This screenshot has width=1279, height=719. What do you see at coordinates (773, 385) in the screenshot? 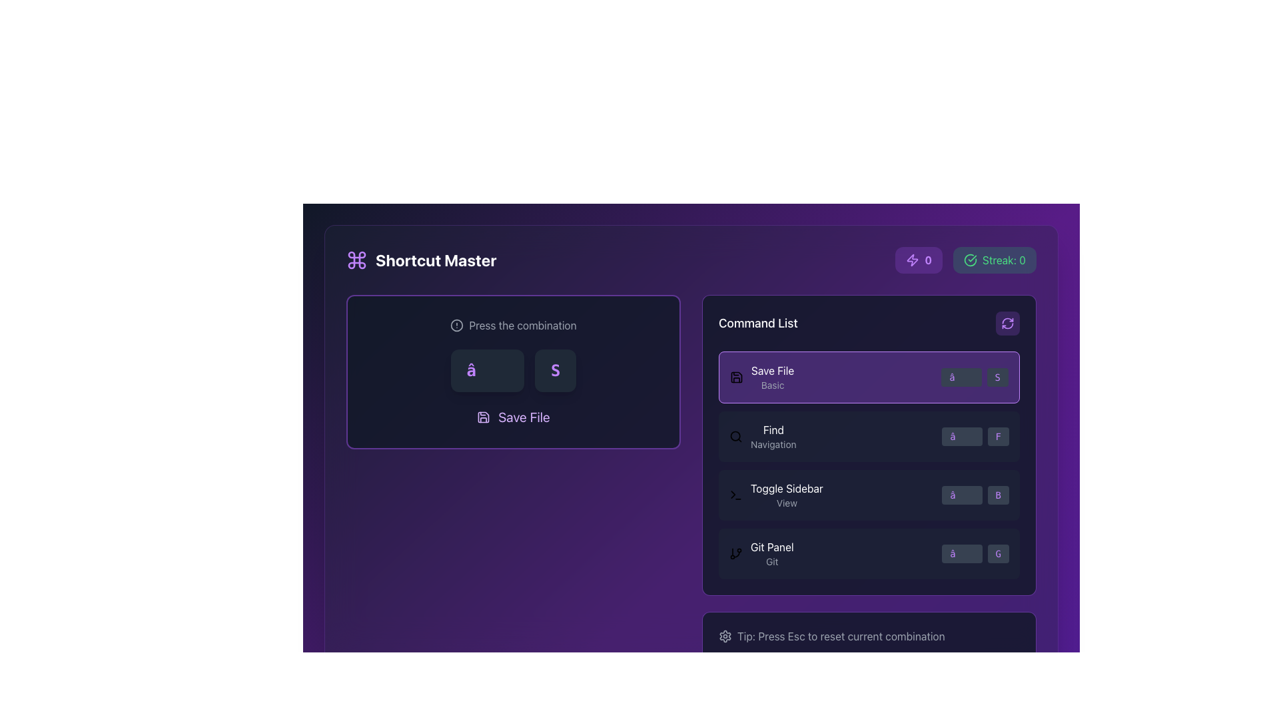
I see `the text label displaying the word 'Basic', which is styled in gray color and located just below the 'Save File' text in the 'Command List' section of the right panel` at bounding box center [773, 385].